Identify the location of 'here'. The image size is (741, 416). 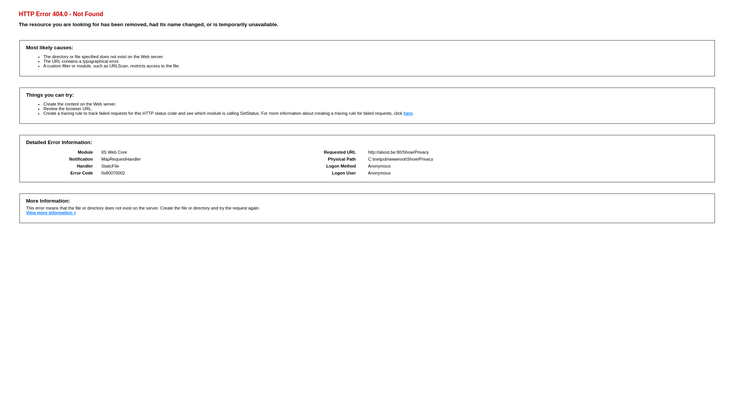
(408, 113).